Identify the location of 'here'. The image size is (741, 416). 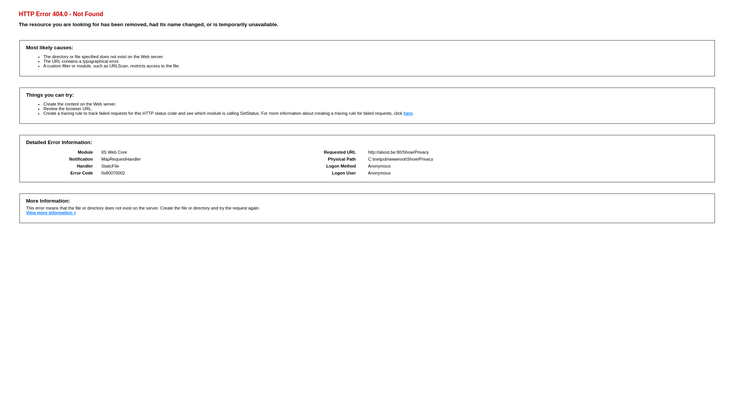
(408, 113).